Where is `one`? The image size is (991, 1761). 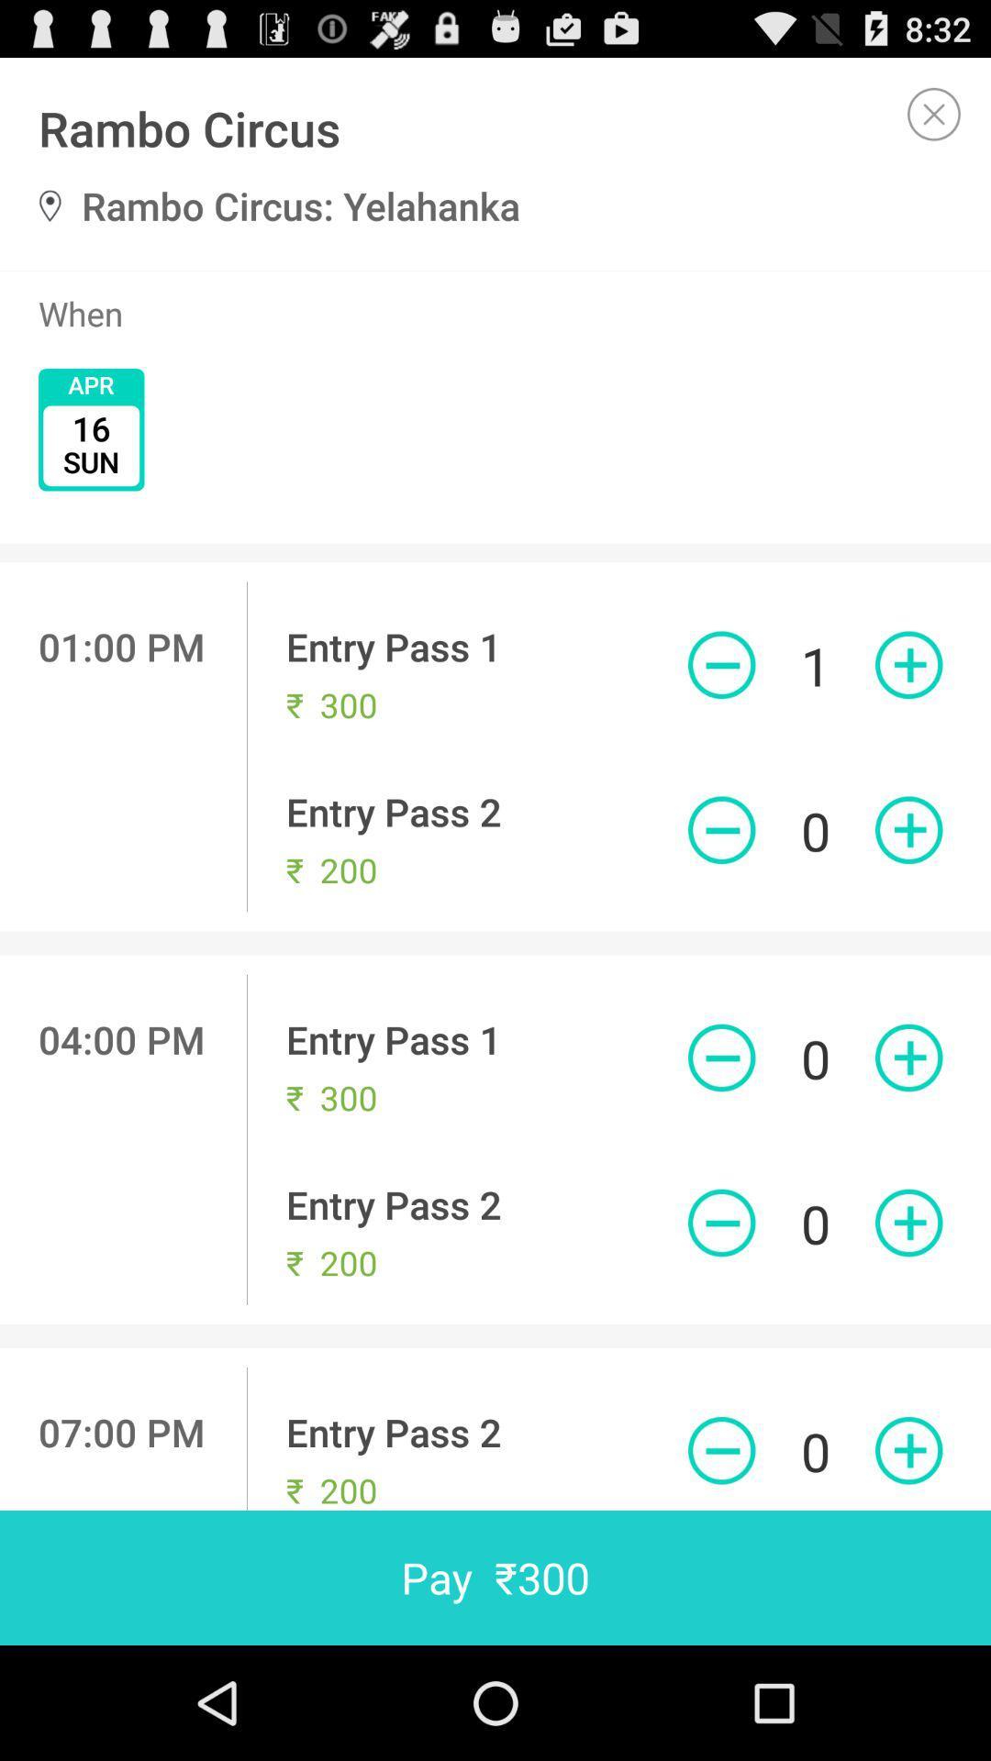
one is located at coordinates (908, 1058).